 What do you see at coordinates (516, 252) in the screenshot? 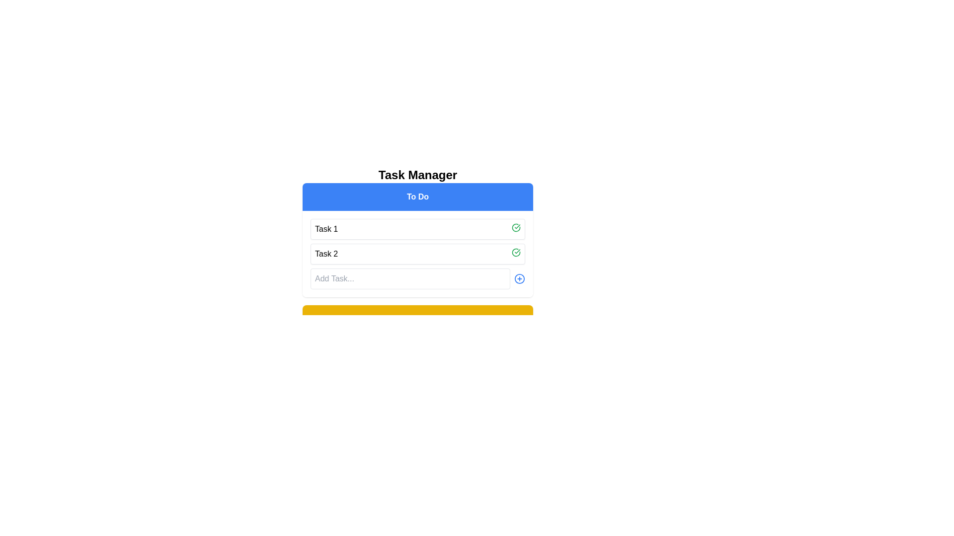
I see `the circular green checkmark icon indicating completion for 'Task 2', positioned at the end of the task row` at bounding box center [516, 252].